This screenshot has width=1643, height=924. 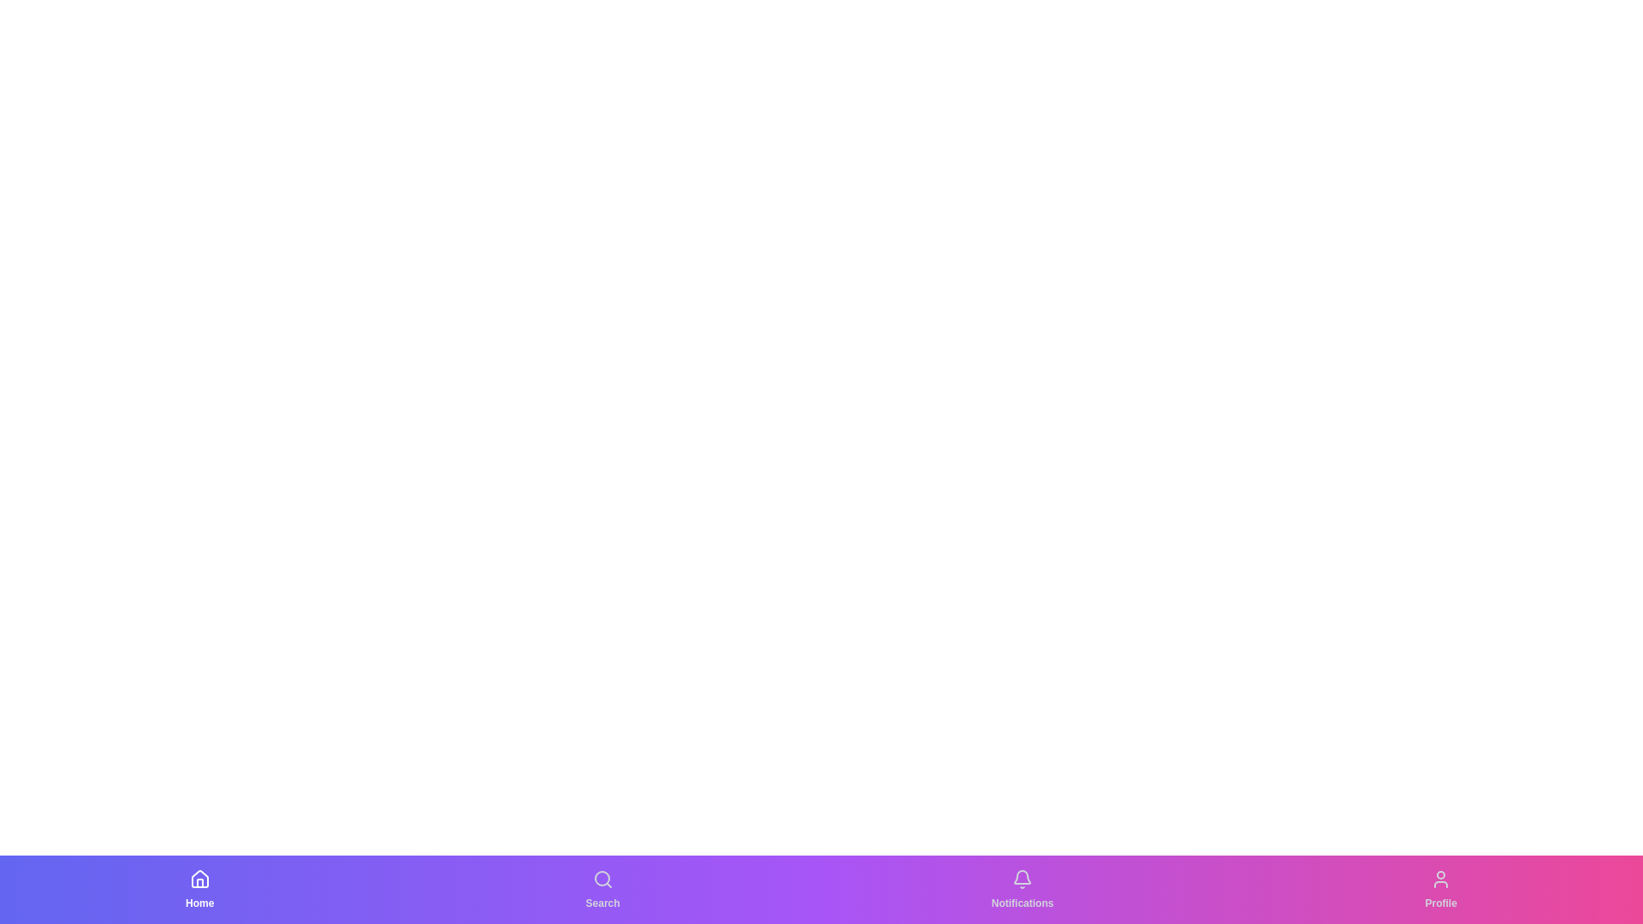 I want to click on the tab labeled Home to view its tooltip, so click(x=199, y=889).